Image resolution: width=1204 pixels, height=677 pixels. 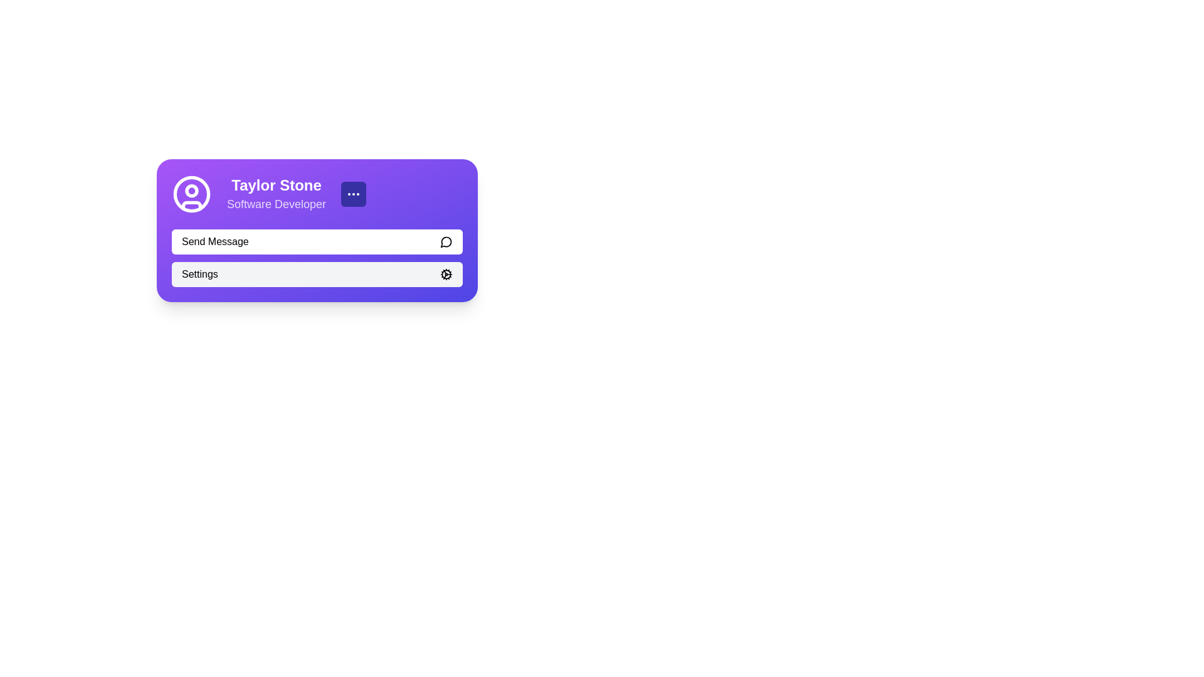 I want to click on the settings icon located on the right side of the 'Settings' button, which indicates configuration options, so click(x=446, y=274).